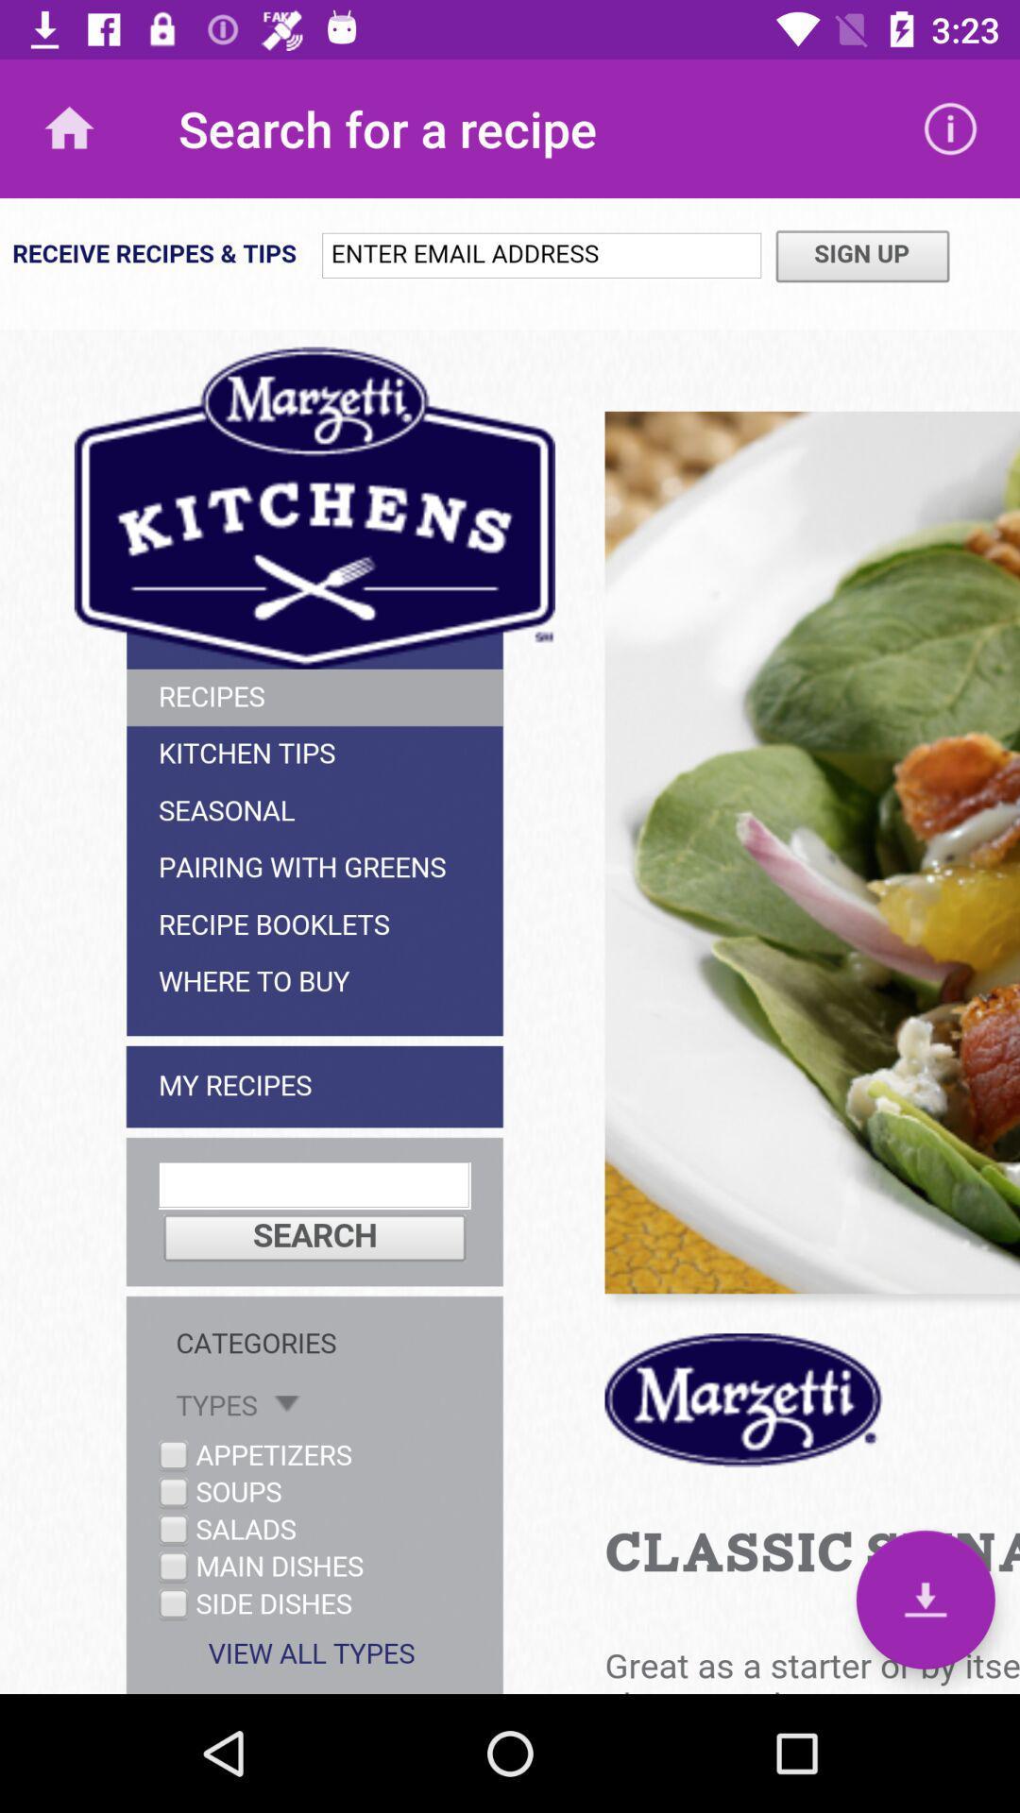 This screenshot has height=1813, width=1020. I want to click on the file_download icon, so click(925, 1599).